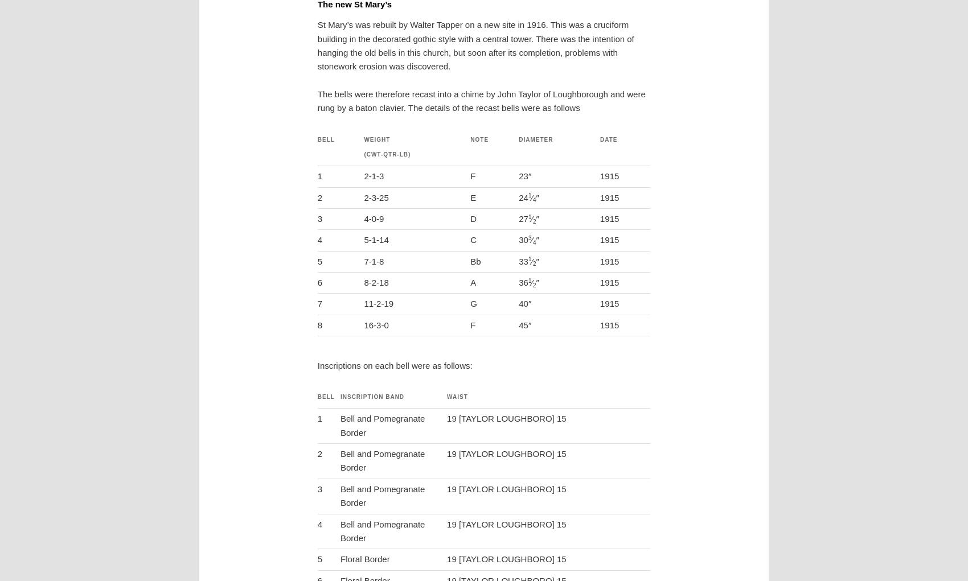 This screenshot has width=968, height=581. Describe the element at coordinates (479, 139) in the screenshot. I see `'Note'` at that location.